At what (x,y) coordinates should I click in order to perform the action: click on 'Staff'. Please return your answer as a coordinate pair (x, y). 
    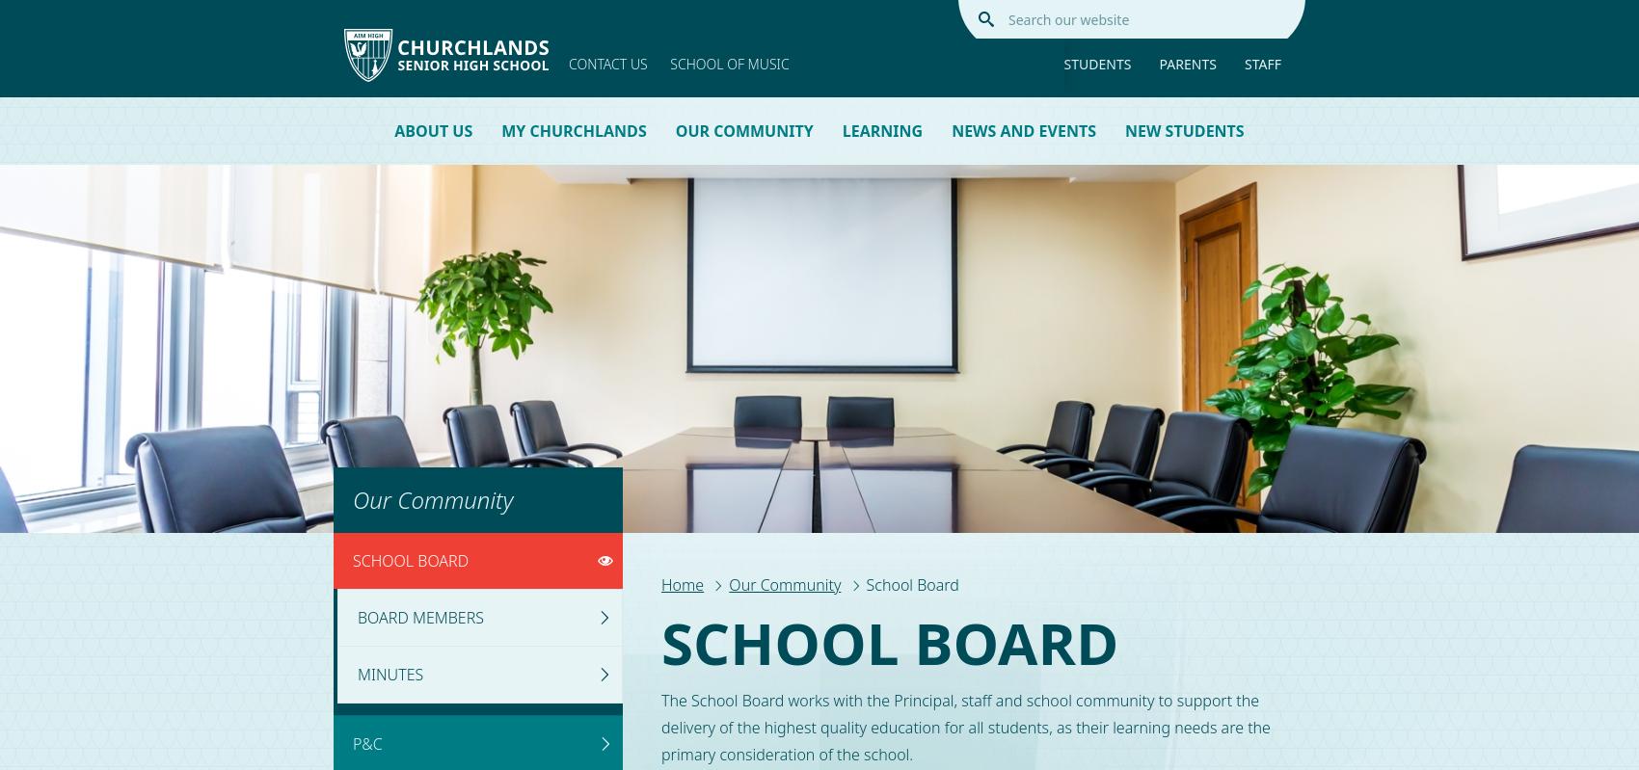
    Looking at the image, I should click on (1263, 64).